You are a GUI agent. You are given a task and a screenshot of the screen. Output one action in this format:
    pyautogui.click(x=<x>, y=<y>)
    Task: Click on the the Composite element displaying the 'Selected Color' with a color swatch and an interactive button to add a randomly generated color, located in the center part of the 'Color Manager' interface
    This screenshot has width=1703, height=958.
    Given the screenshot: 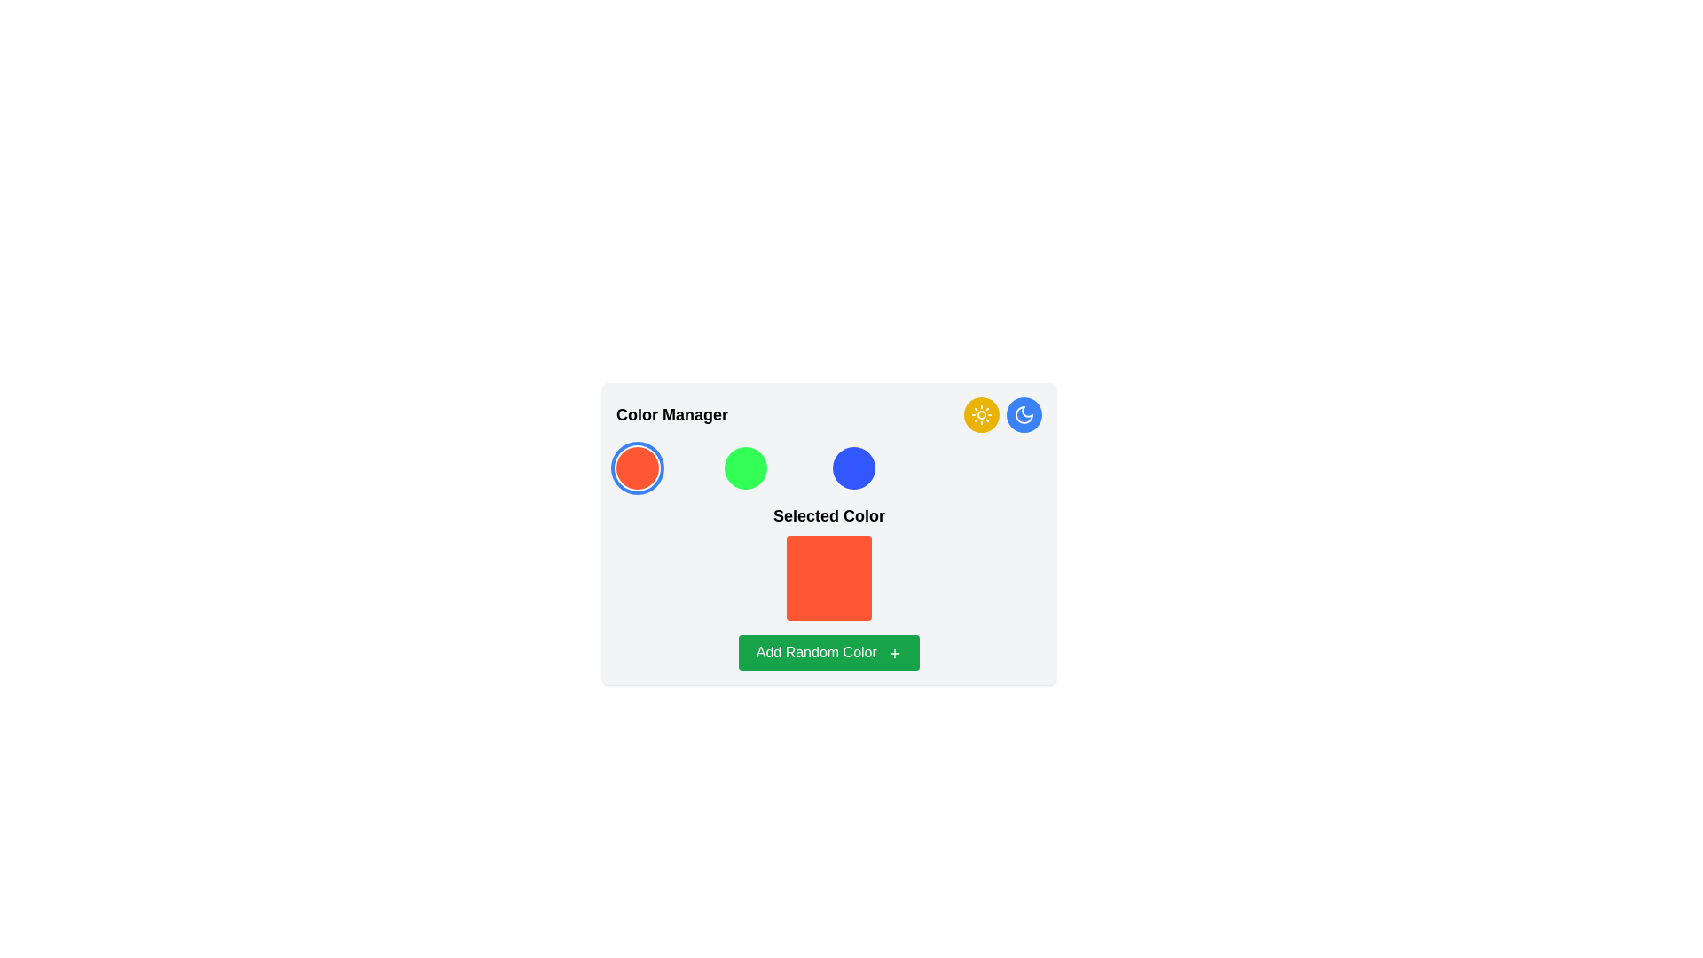 What is the action you would take?
    pyautogui.click(x=828, y=587)
    